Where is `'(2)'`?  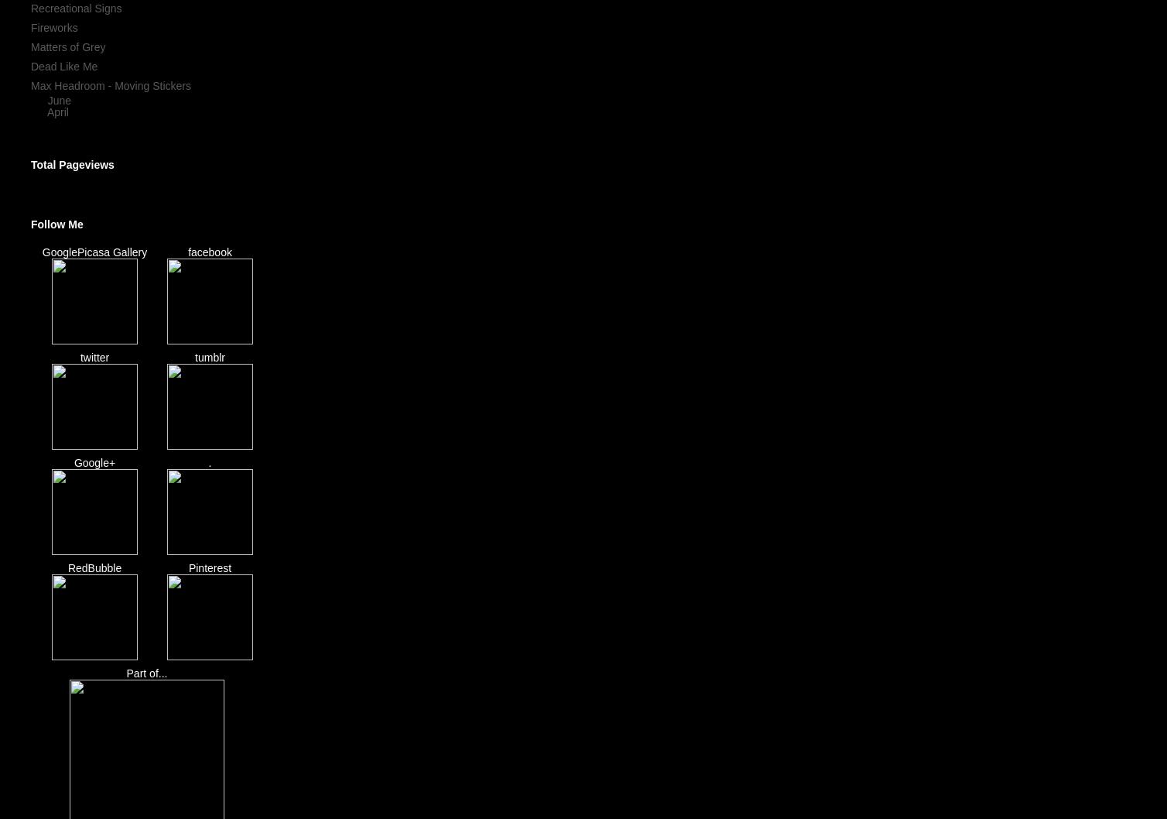
'(2)' is located at coordinates (77, 110).